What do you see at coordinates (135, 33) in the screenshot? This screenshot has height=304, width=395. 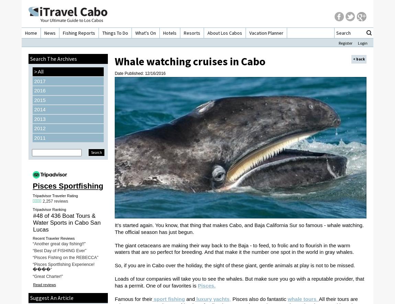 I see `'What's On'` at bounding box center [135, 33].